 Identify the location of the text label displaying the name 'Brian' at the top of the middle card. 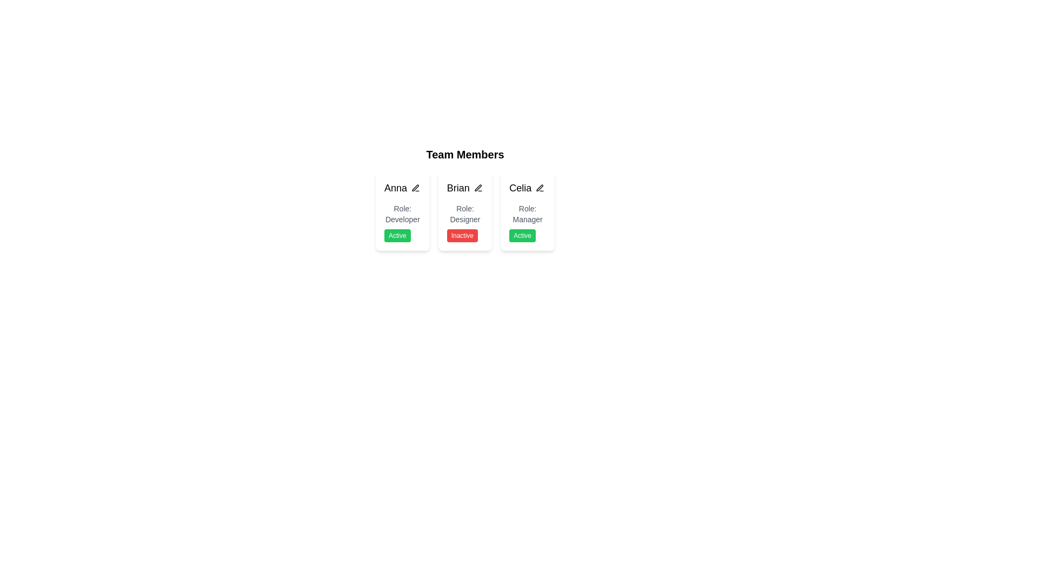
(465, 187).